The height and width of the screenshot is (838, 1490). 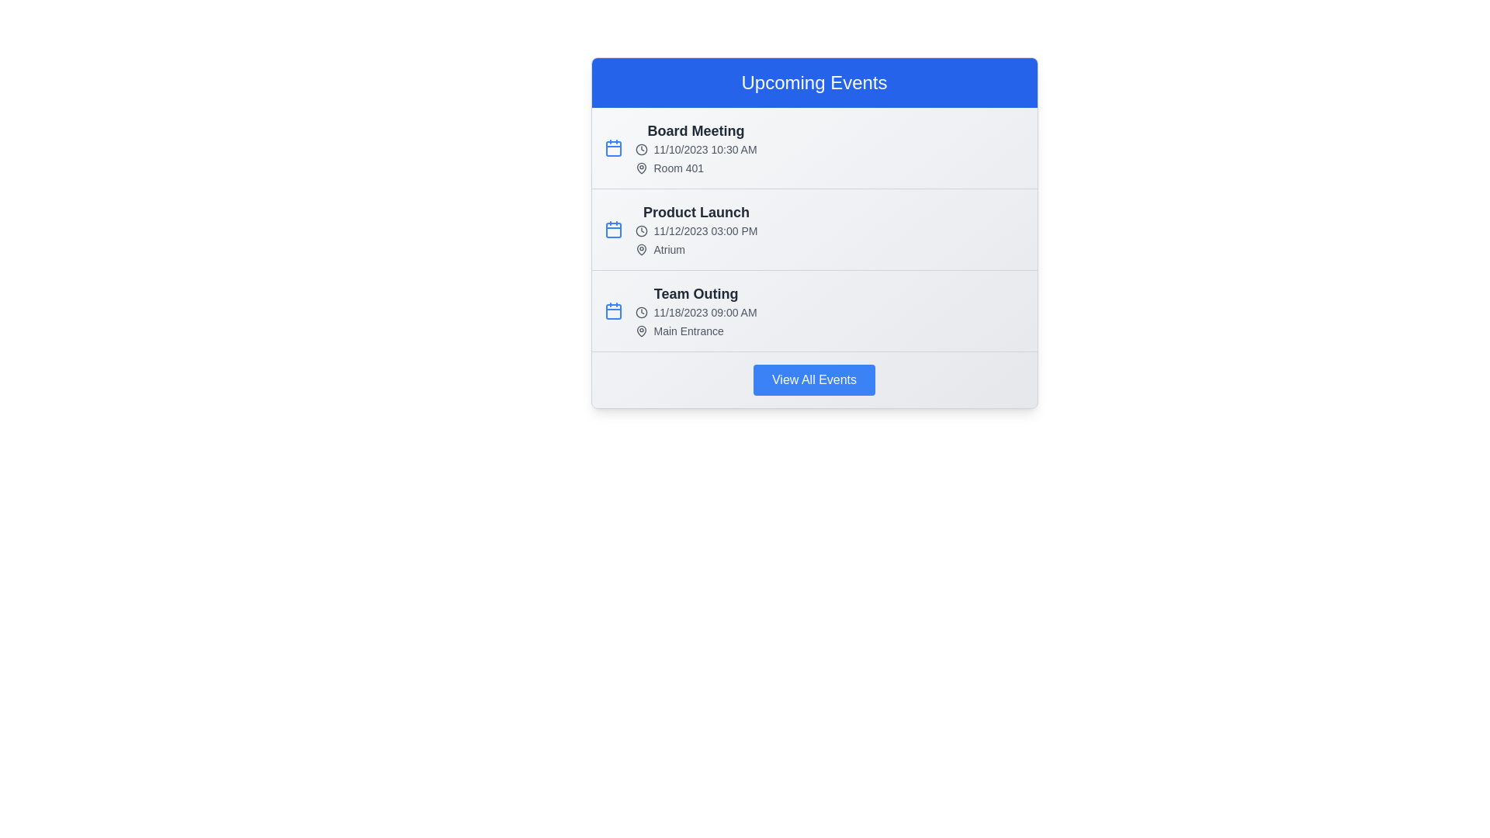 What do you see at coordinates (612, 149) in the screenshot?
I see `the decorative graphic element that is part of the calendar icon, located towards the top left of the event listing interface, which is styled with a white fill and blue outline` at bounding box center [612, 149].